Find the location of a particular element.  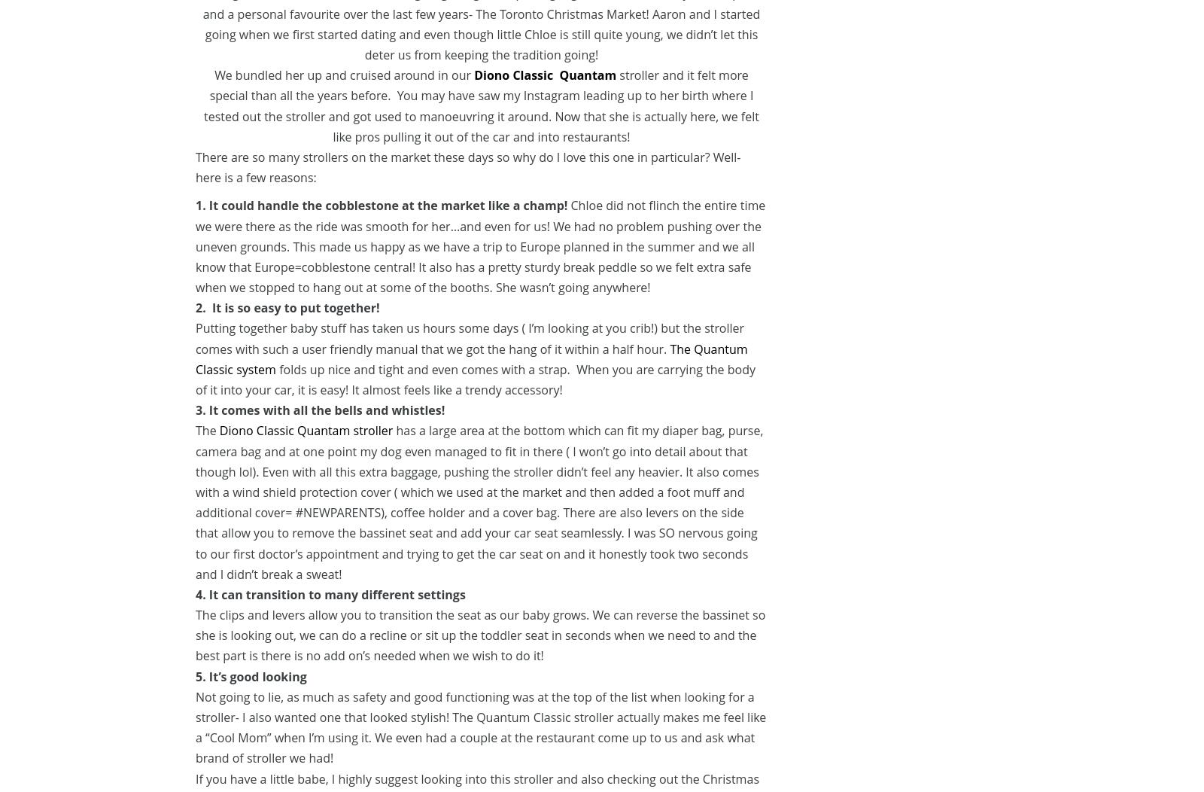

'folds up nice and tight and even comes with a strap.  When you are carrying the body of it into your car, it is easy! It almost feels like a trendy accessory!' is located at coordinates (476, 379).